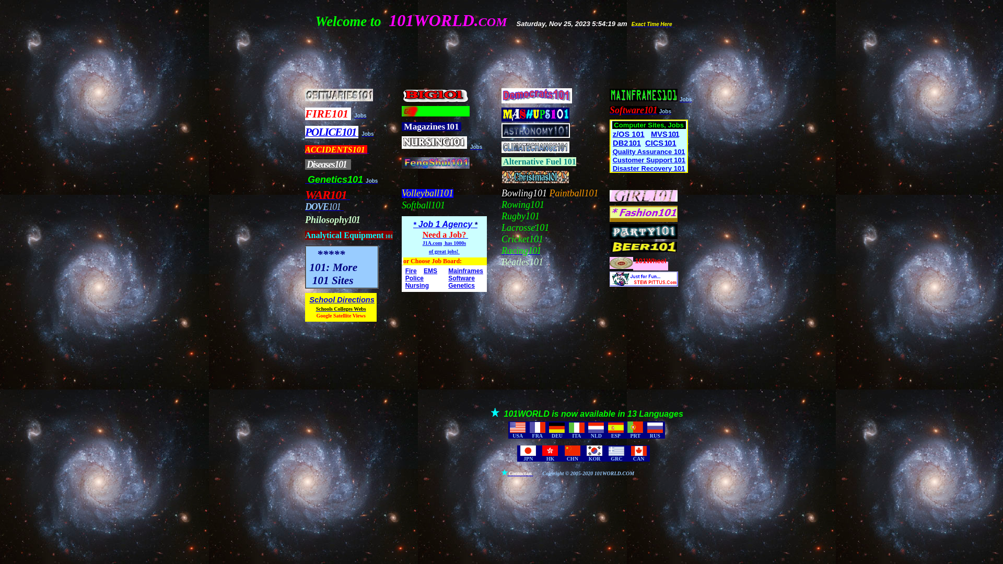 The height and width of the screenshot is (564, 1003). What do you see at coordinates (414, 277) in the screenshot?
I see `'Police'` at bounding box center [414, 277].